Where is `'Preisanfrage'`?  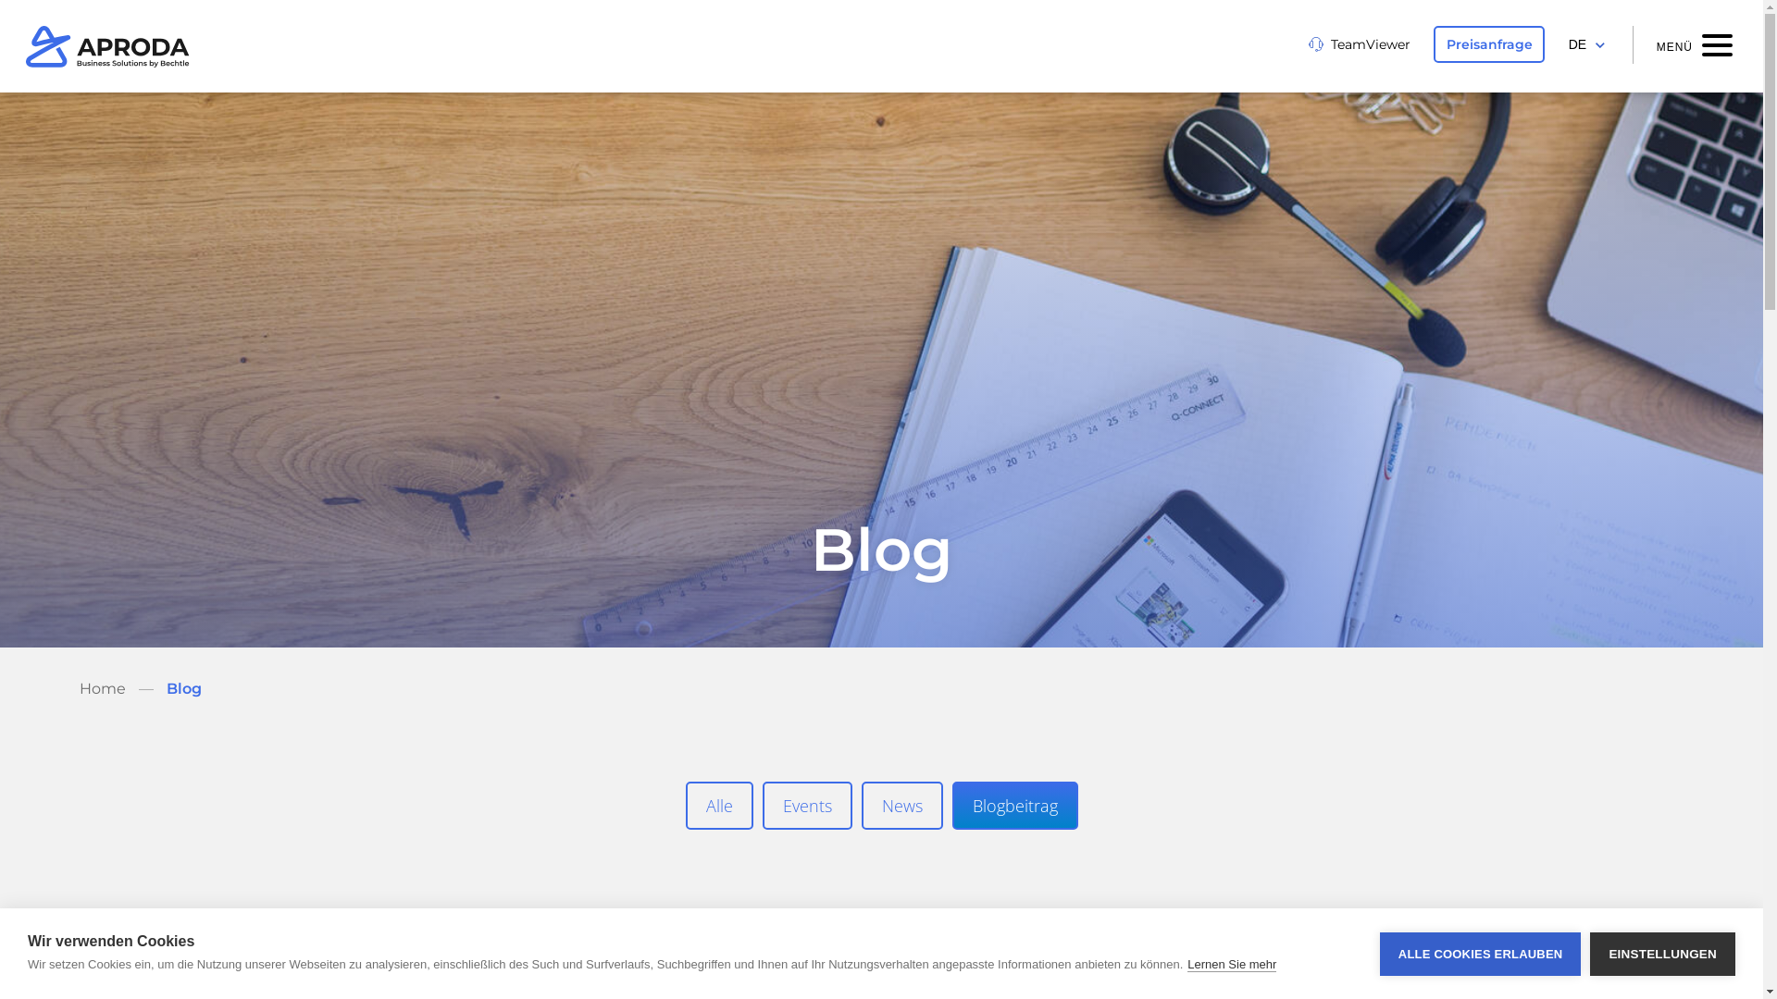 'Preisanfrage' is located at coordinates (1488, 43).